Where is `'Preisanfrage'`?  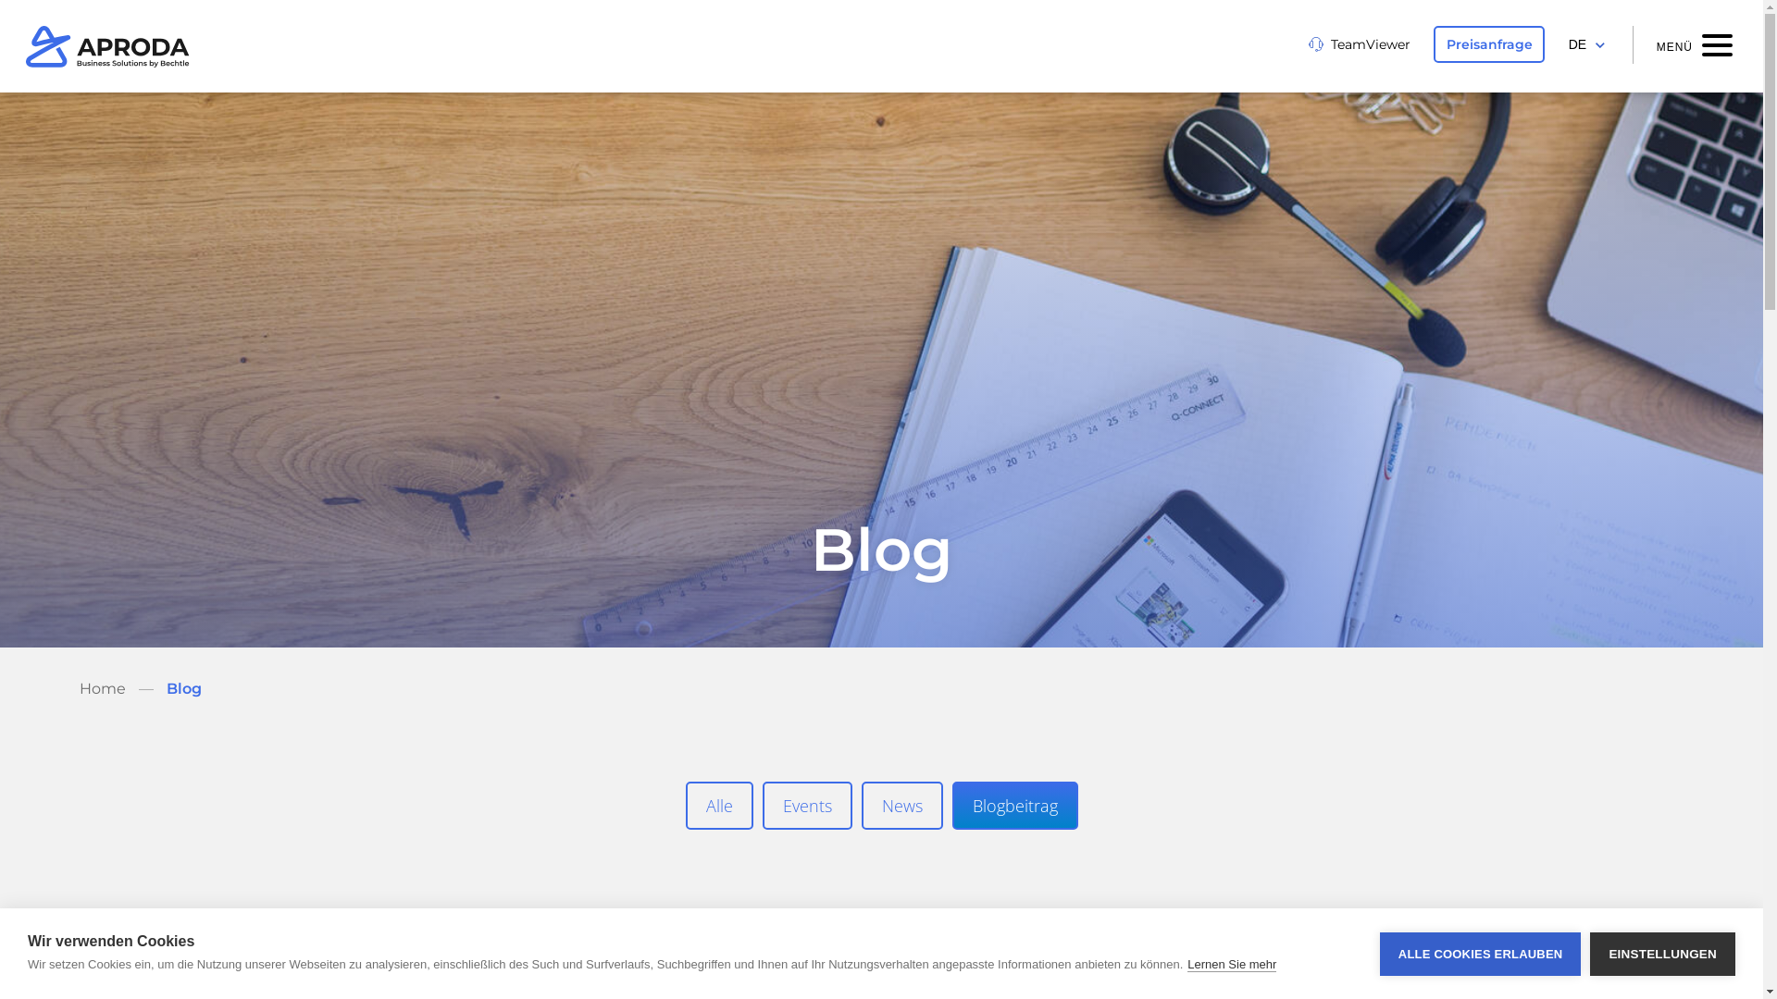 'Preisanfrage' is located at coordinates (1488, 43).